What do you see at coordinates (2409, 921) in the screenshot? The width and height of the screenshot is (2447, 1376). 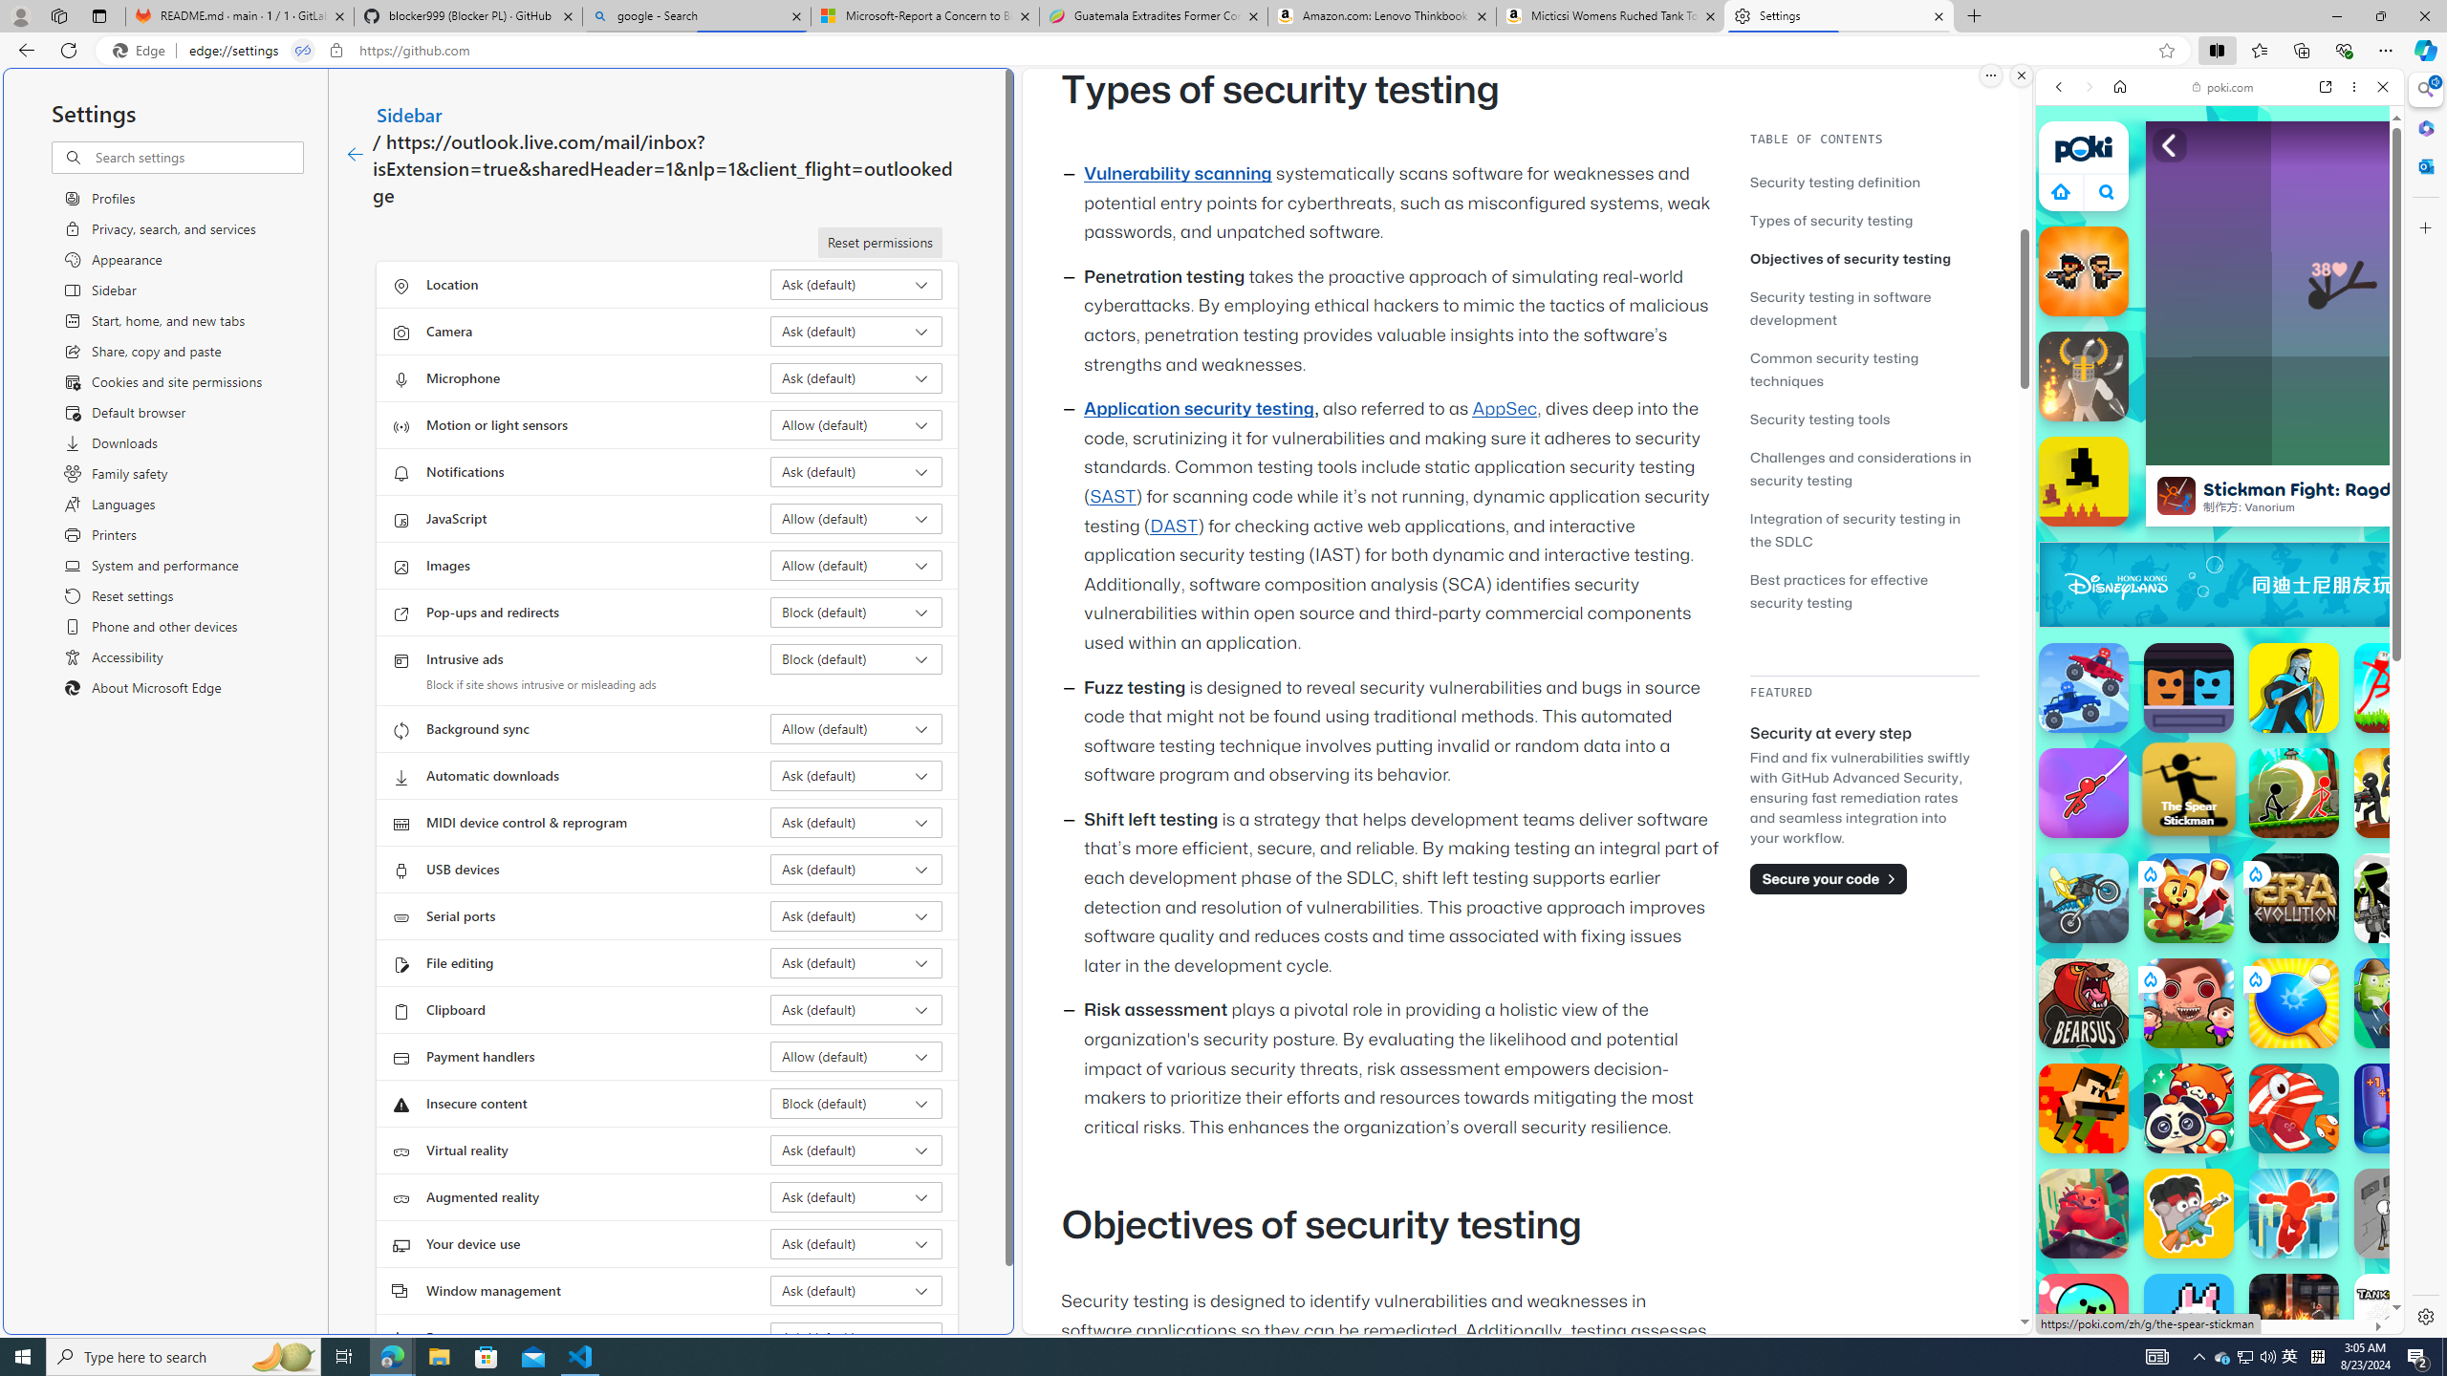 I see `'Crazy Cars Crazy Cars poki.com'` at bounding box center [2409, 921].